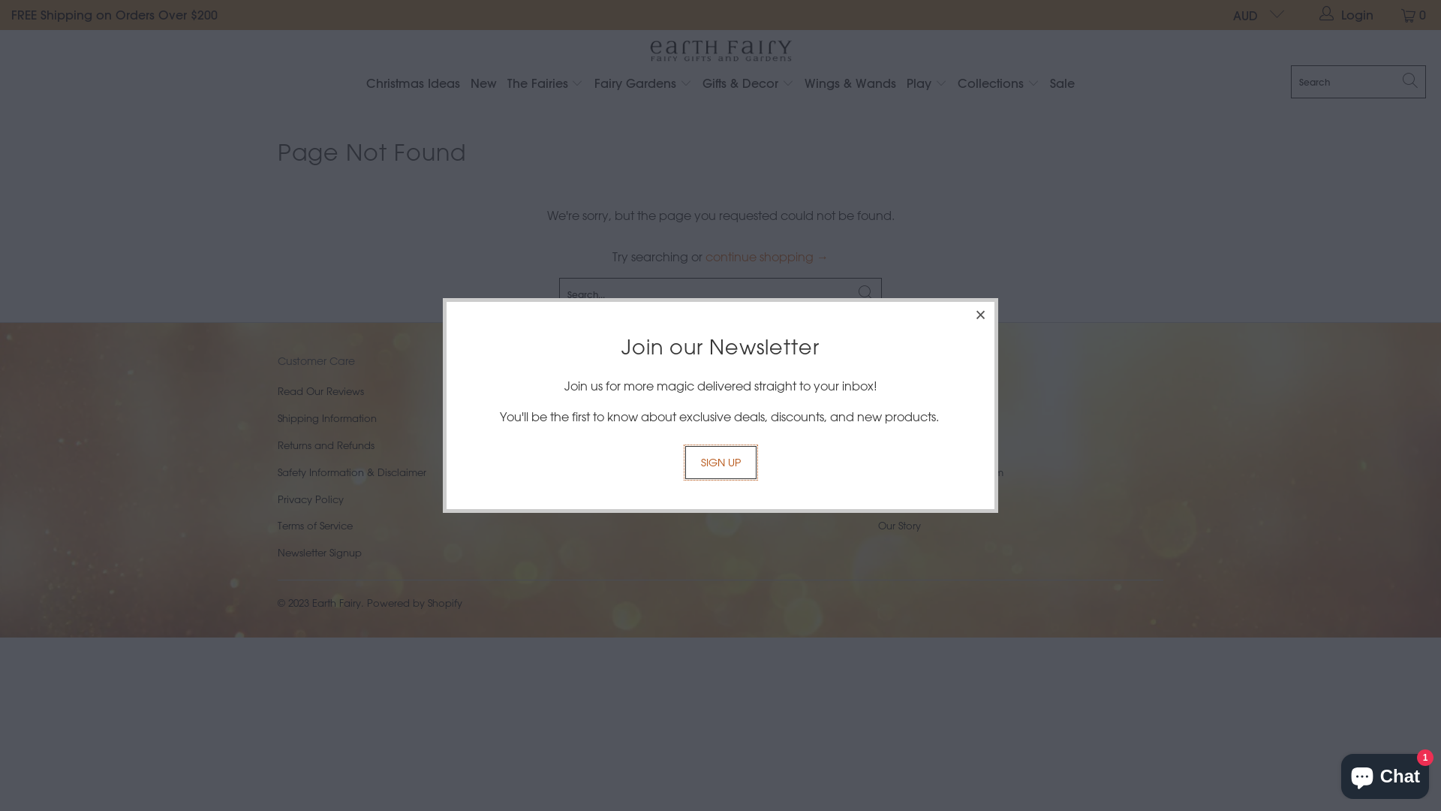 This screenshot has height=811, width=1441. Describe the element at coordinates (850, 84) in the screenshot. I see `'Wings & Wands'` at that location.